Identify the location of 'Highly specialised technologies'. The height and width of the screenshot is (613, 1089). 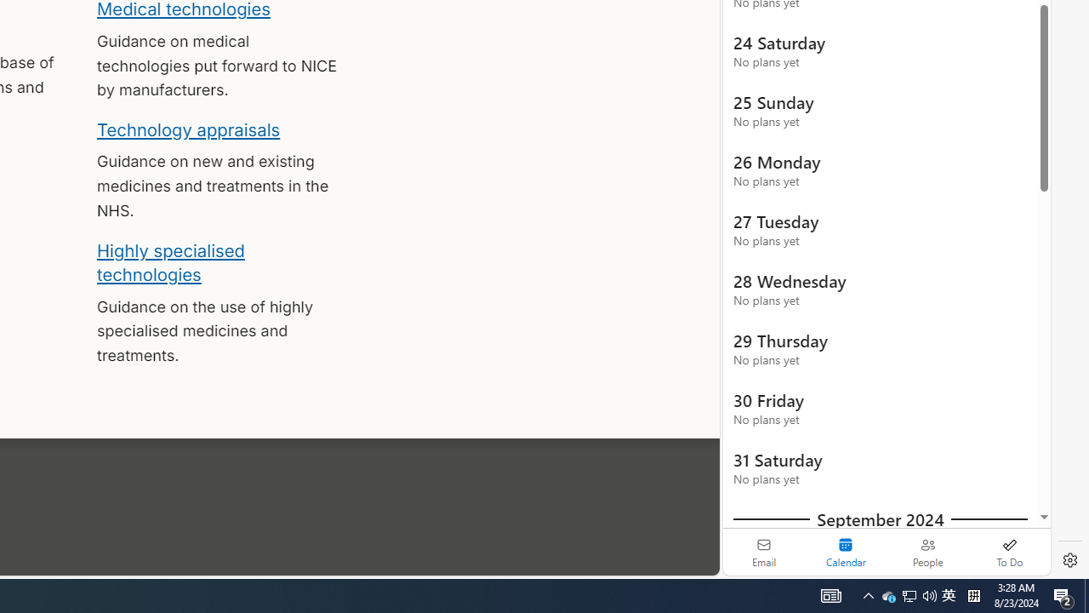
(170, 262).